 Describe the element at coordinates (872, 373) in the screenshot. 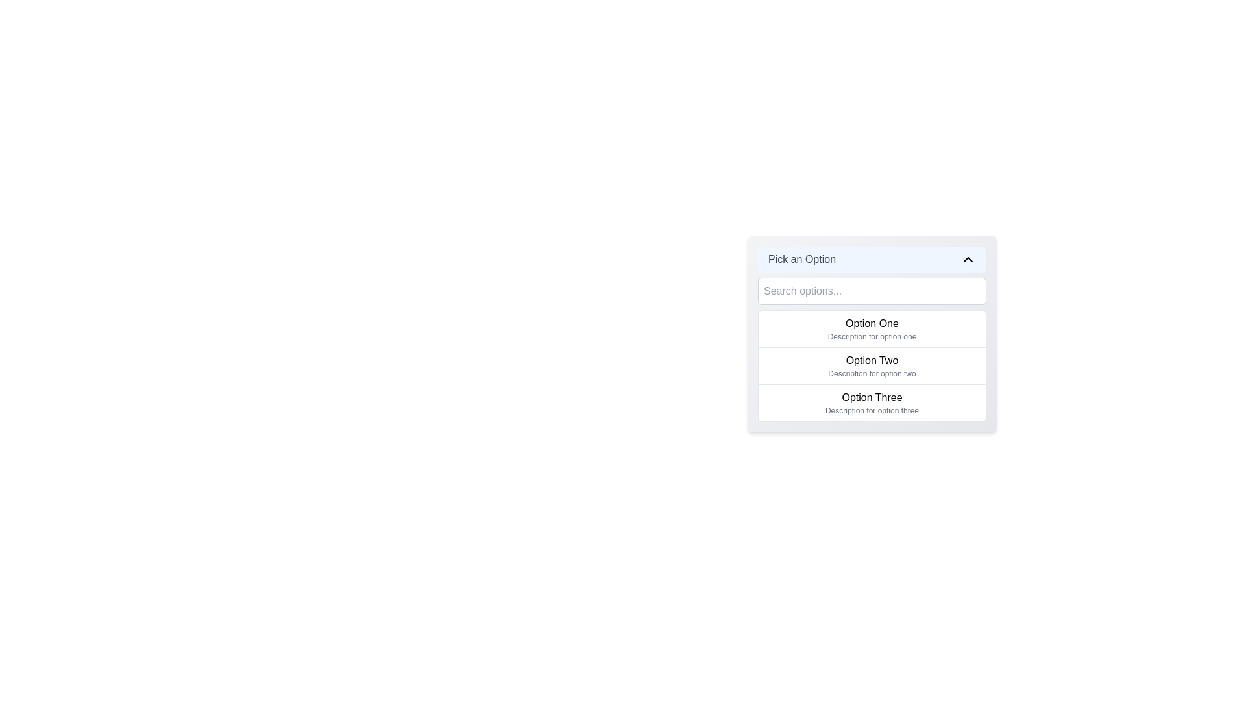

I see `the static text display that provides additional information about 'Option Two' in the dropdown menu` at that location.